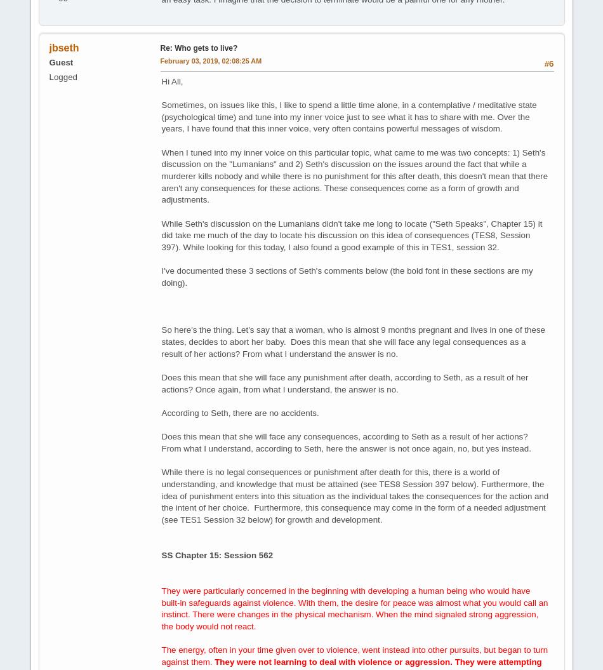  What do you see at coordinates (543, 62) in the screenshot?
I see `'#6'` at bounding box center [543, 62].